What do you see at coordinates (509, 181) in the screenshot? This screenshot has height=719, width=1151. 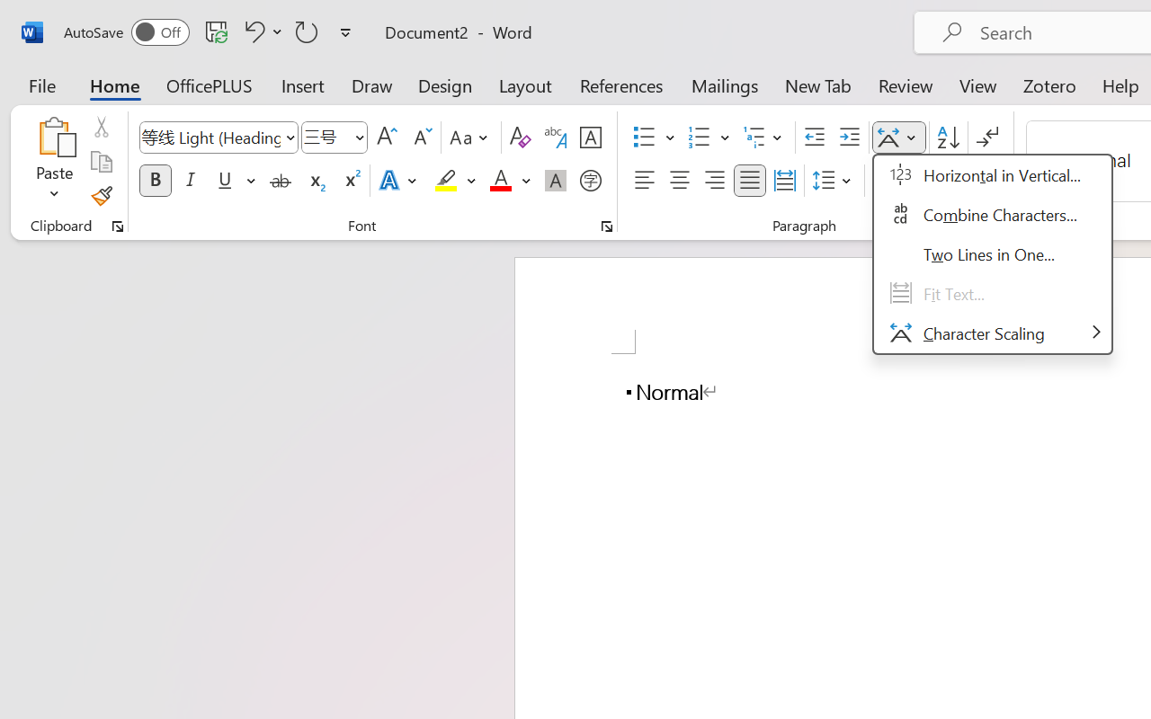 I see `'Font Color'` at bounding box center [509, 181].